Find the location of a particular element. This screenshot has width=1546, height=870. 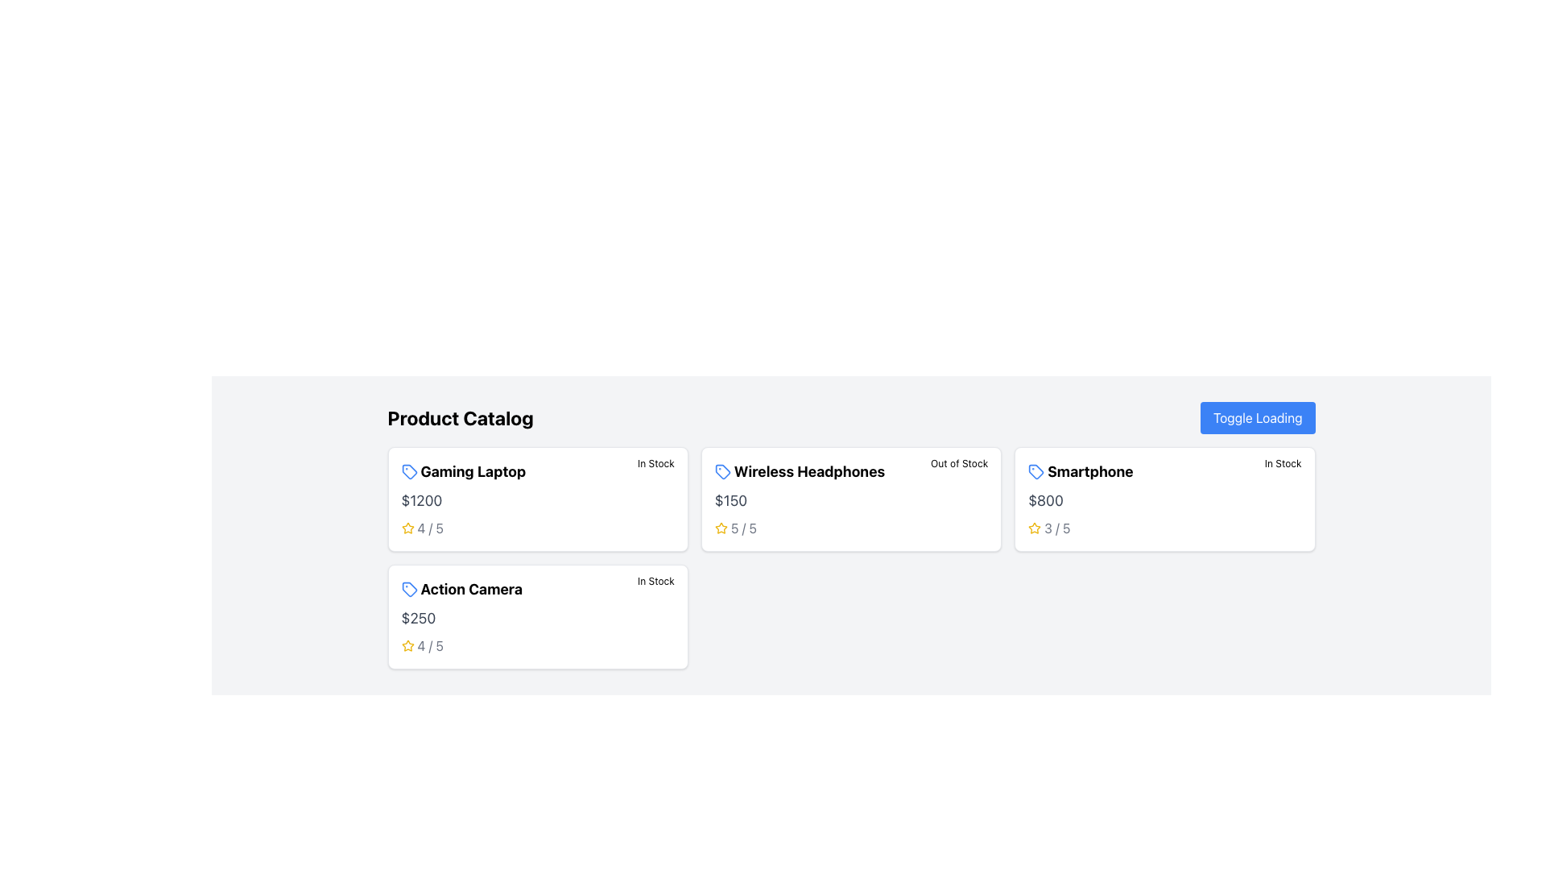

the out-of-stock badge indicating the availability status of the Wireless Headphones product located at the top-right corner of its product card is located at coordinates (959, 463).